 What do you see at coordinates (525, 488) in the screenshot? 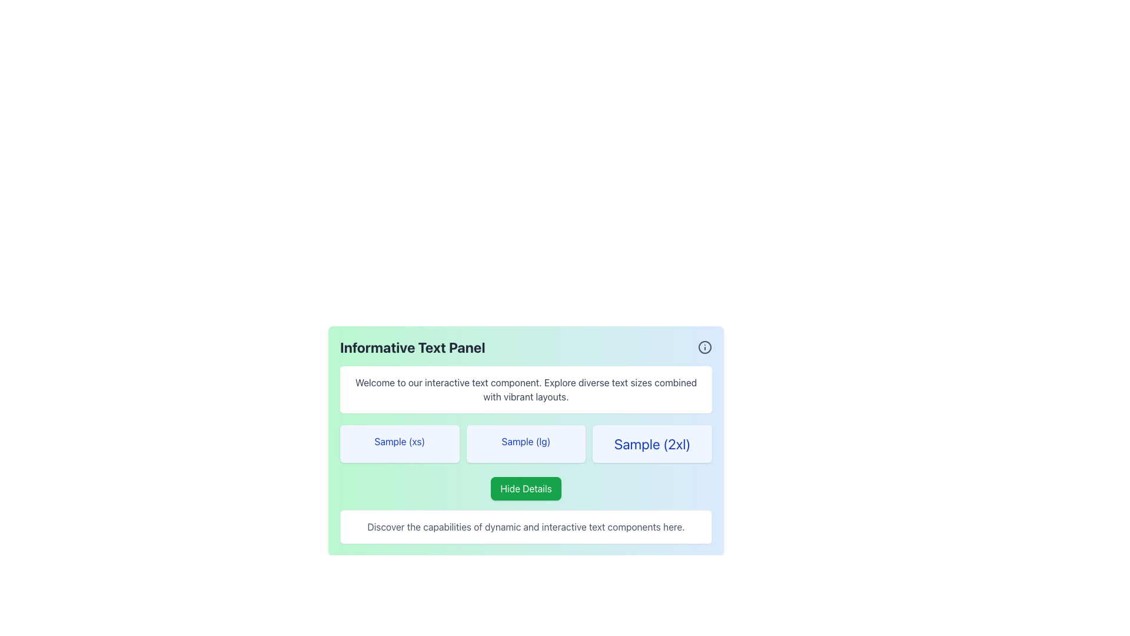
I see `the 'Hide Details' button with a green background and white text located in the 'Informative Text Panel'` at bounding box center [525, 488].